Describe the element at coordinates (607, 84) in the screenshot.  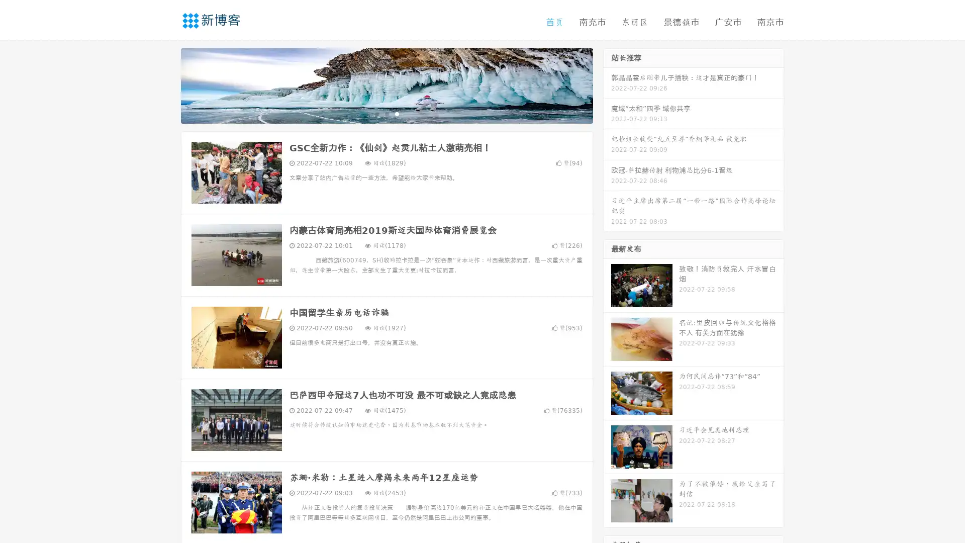
I see `Next slide` at that location.